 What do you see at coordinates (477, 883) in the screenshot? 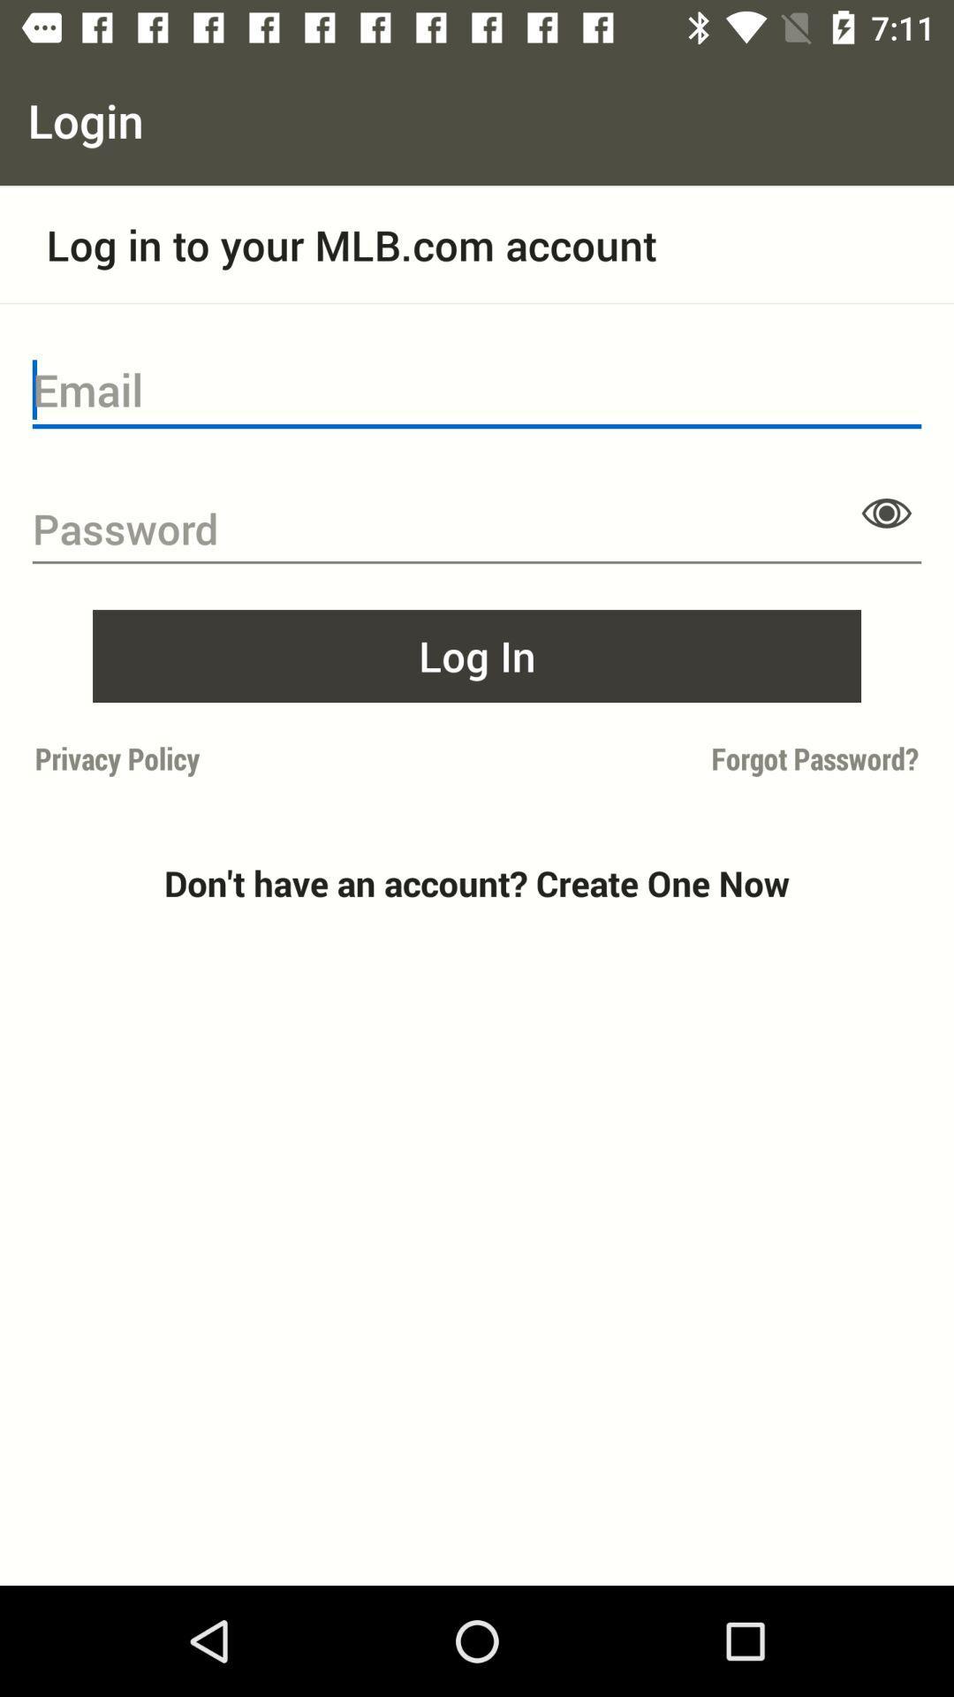
I see `the don t have icon` at bounding box center [477, 883].